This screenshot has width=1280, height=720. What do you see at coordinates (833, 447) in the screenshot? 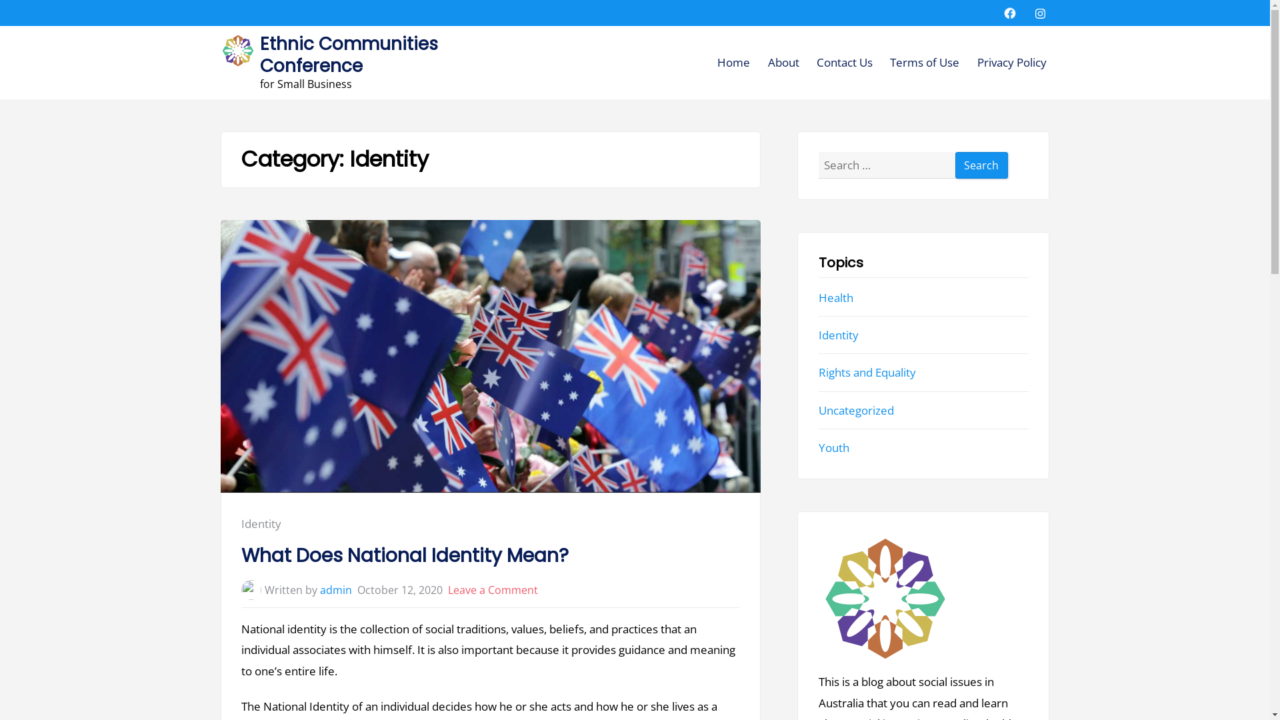
I see `'Youth'` at bounding box center [833, 447].